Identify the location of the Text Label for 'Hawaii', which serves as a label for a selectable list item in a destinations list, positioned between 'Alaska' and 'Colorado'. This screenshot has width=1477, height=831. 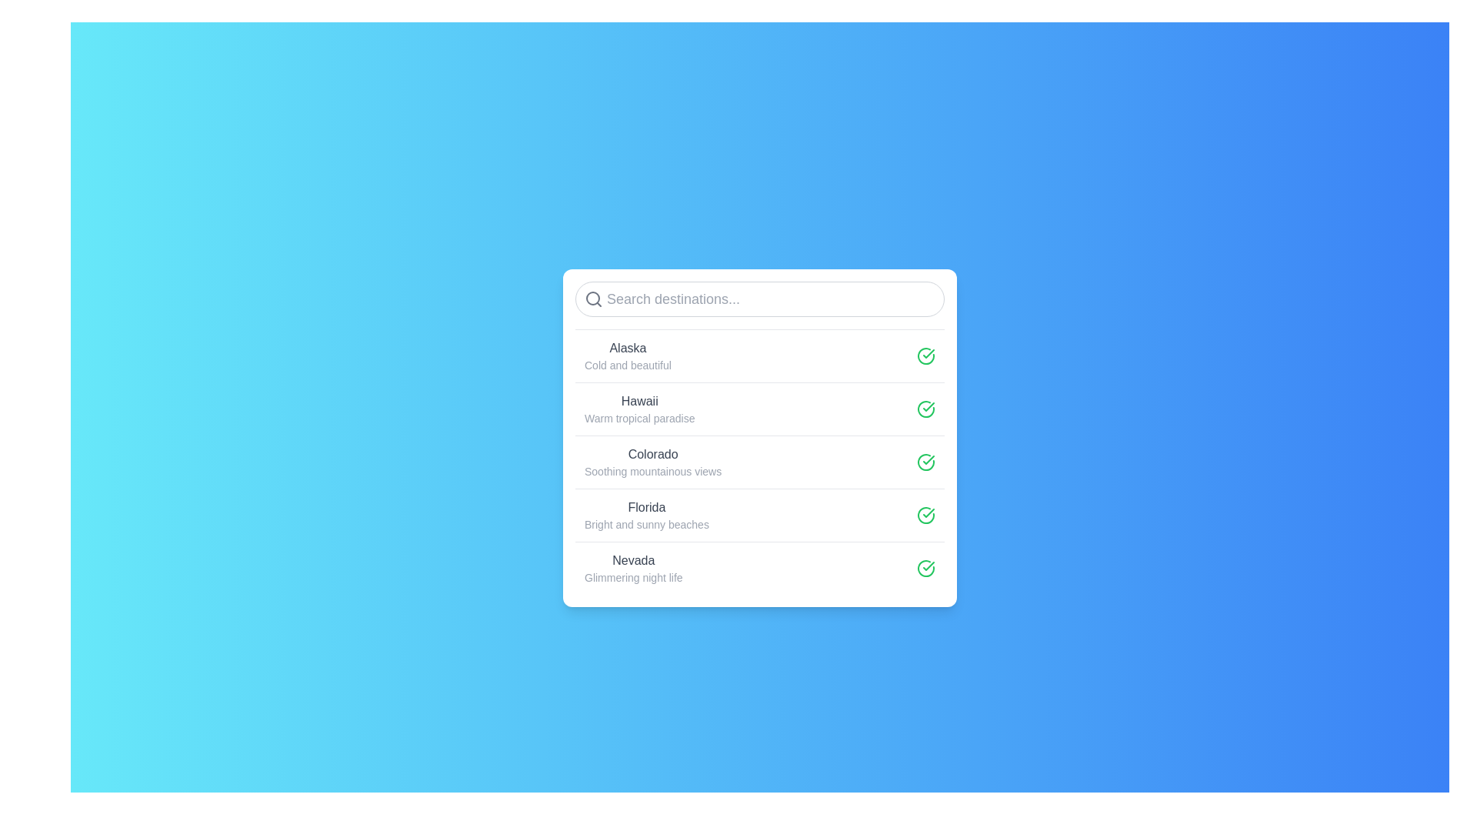
(639, 400).